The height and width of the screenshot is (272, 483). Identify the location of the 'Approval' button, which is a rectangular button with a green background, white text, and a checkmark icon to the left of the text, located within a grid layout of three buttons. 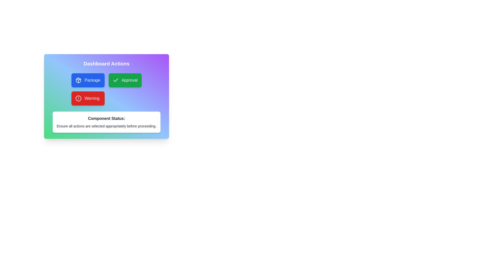
(125, 80).